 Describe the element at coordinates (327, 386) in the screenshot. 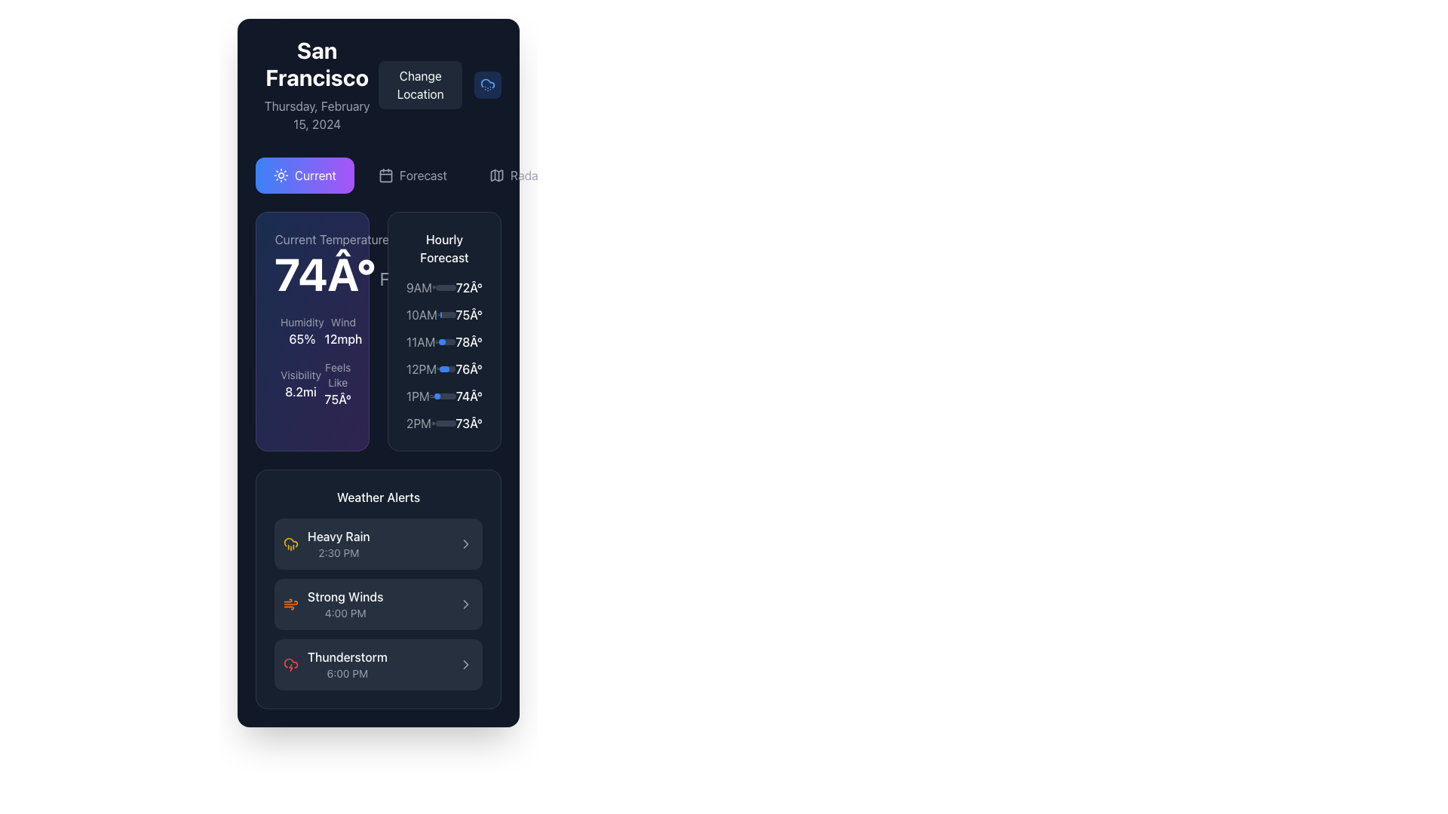

I see `the vertical thermometer icon located in the 'Current Temperature' section of the weather panel, positioned near the bottom right of the card next to the 'Feels like' temperature text` at that location.